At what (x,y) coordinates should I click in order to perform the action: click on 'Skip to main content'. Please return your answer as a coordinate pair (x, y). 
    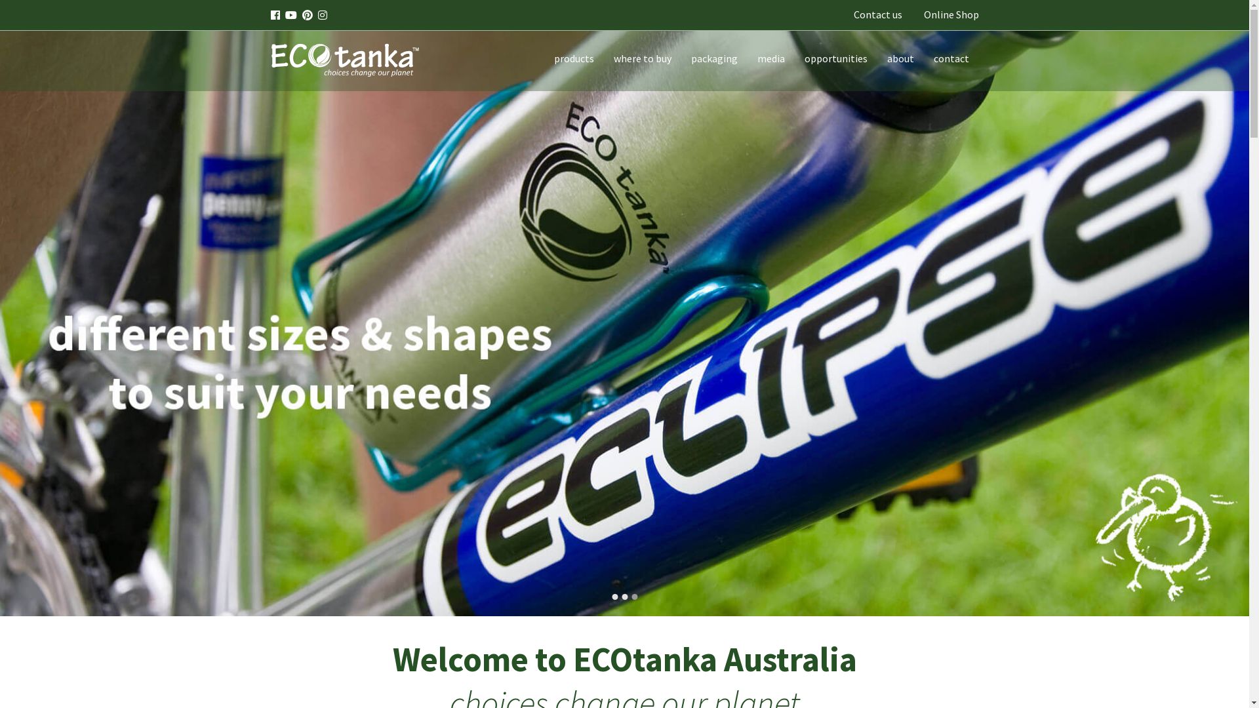
    Looking at the image, I should click on (0, 0).